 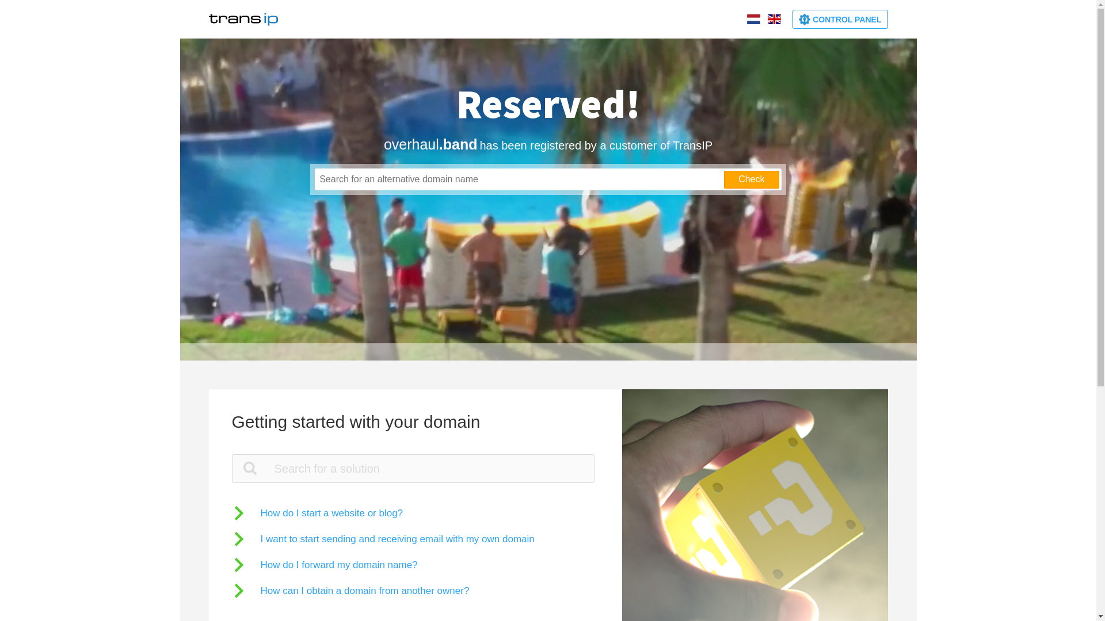 I want to click on 'Check', so click(x=751, y=179).